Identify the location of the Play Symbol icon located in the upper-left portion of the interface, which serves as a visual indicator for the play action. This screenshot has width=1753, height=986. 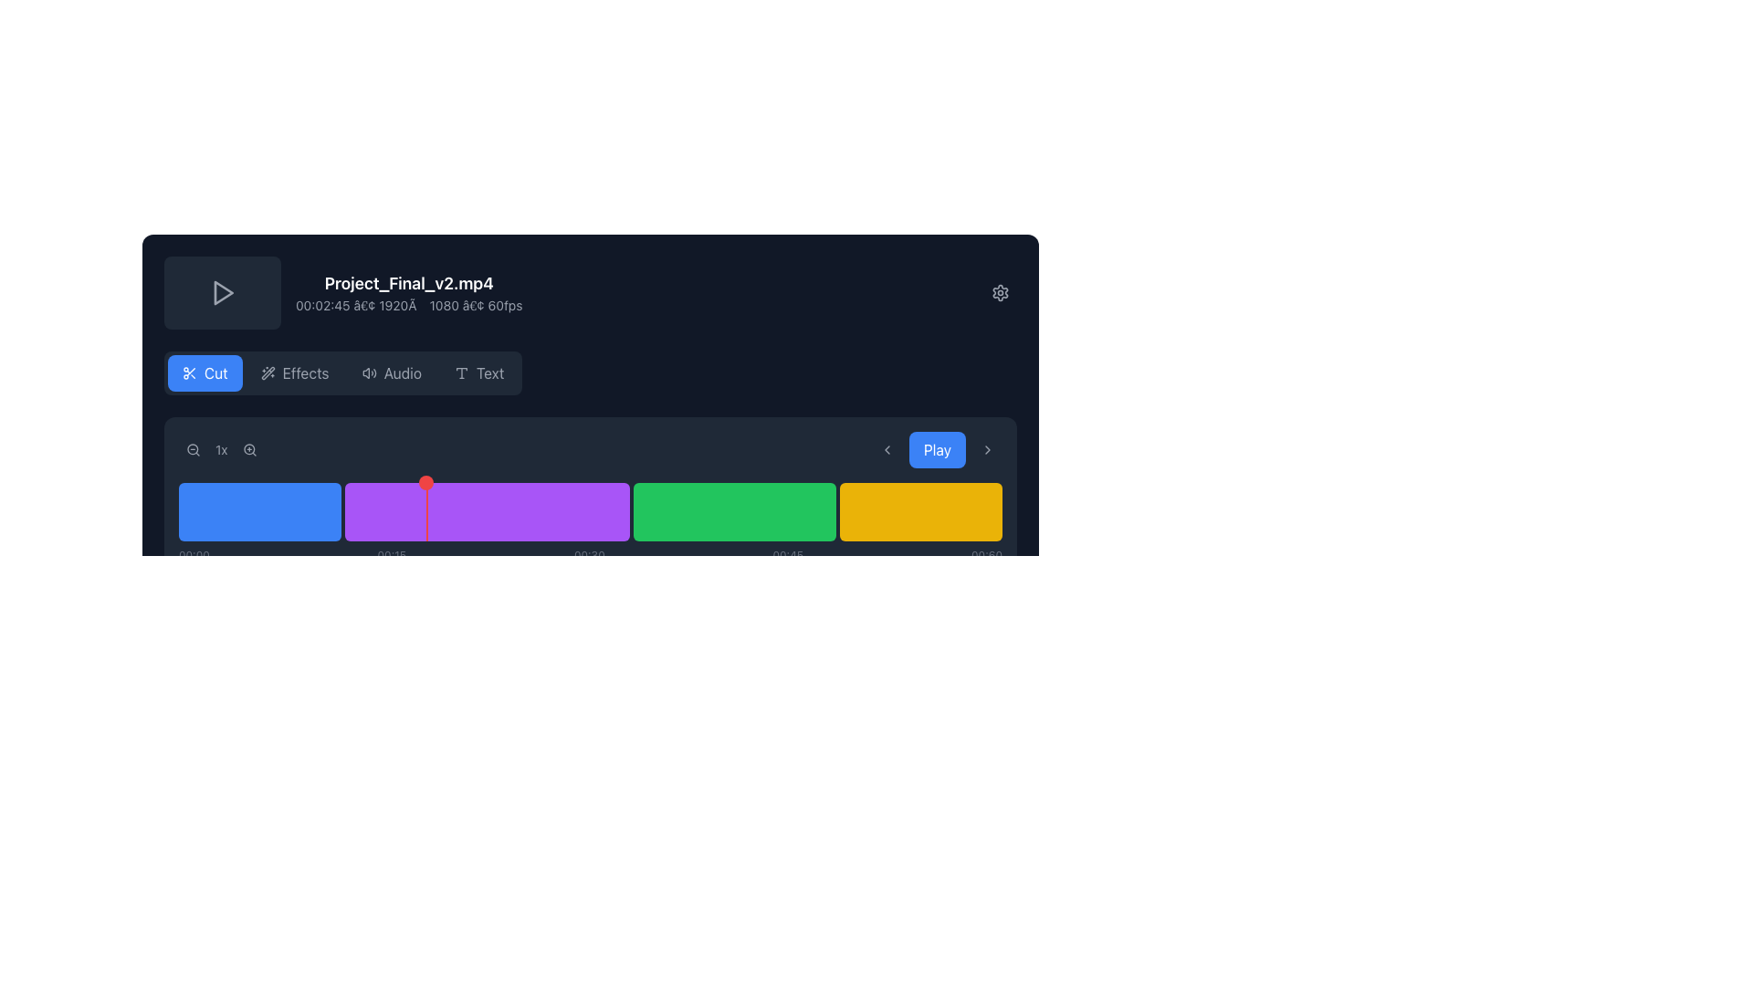
(222, 291).